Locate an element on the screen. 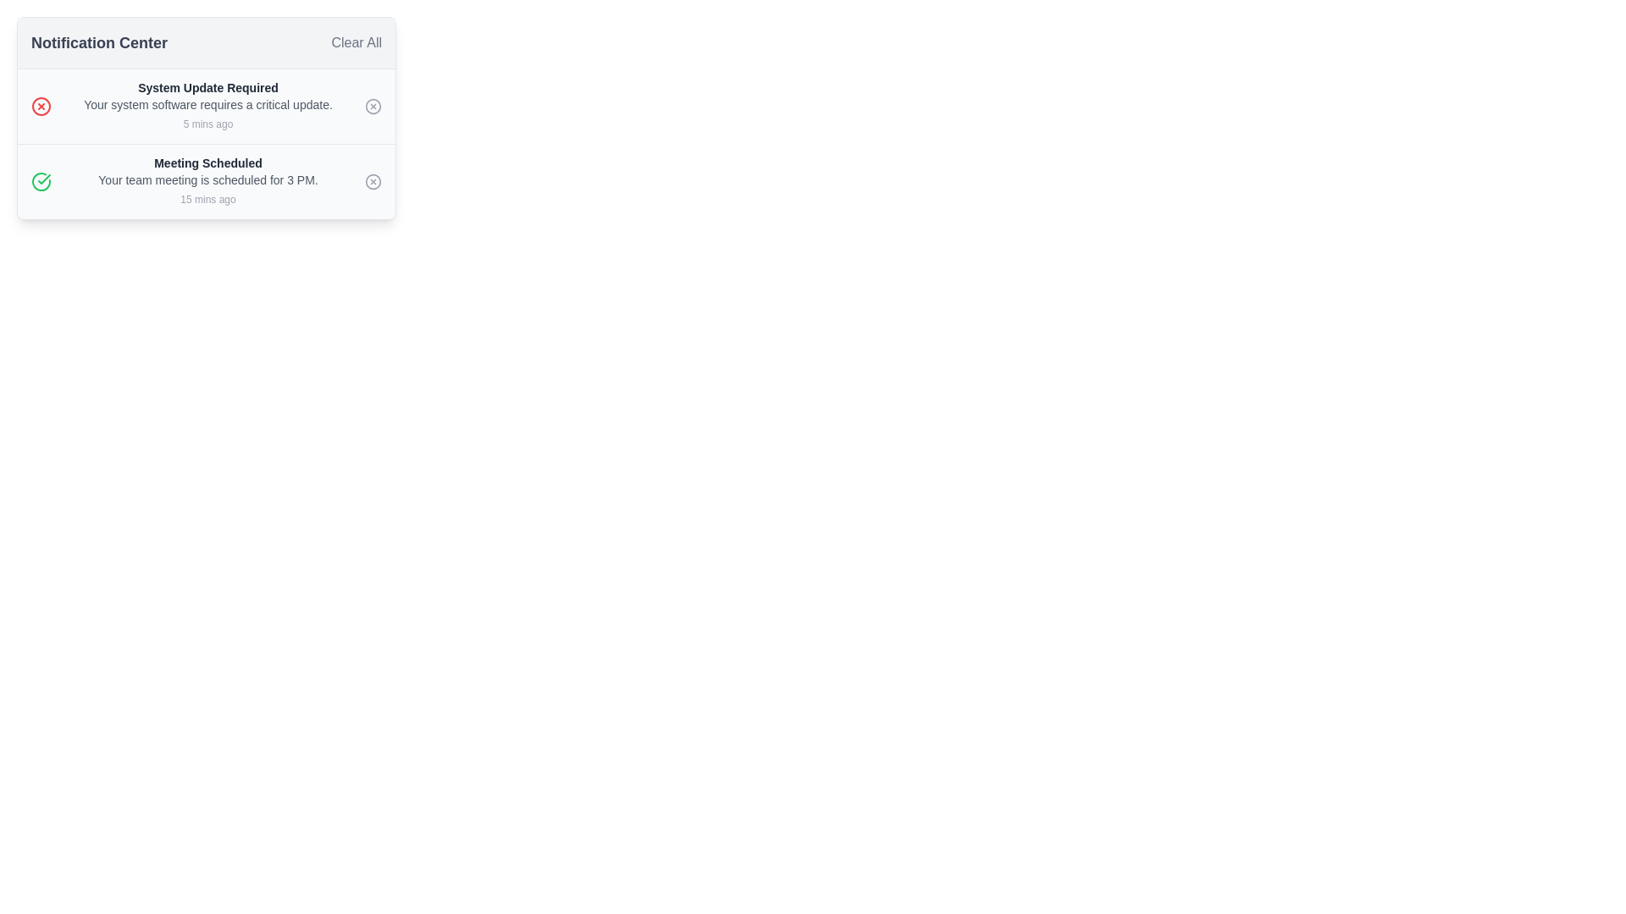 The width and height of the screenshot is (1626, 914). the Circle SVG component located in the second row of notifications in the notification center, which is positioned to the far right of the second notification entry is located at coordinates (373, 182).